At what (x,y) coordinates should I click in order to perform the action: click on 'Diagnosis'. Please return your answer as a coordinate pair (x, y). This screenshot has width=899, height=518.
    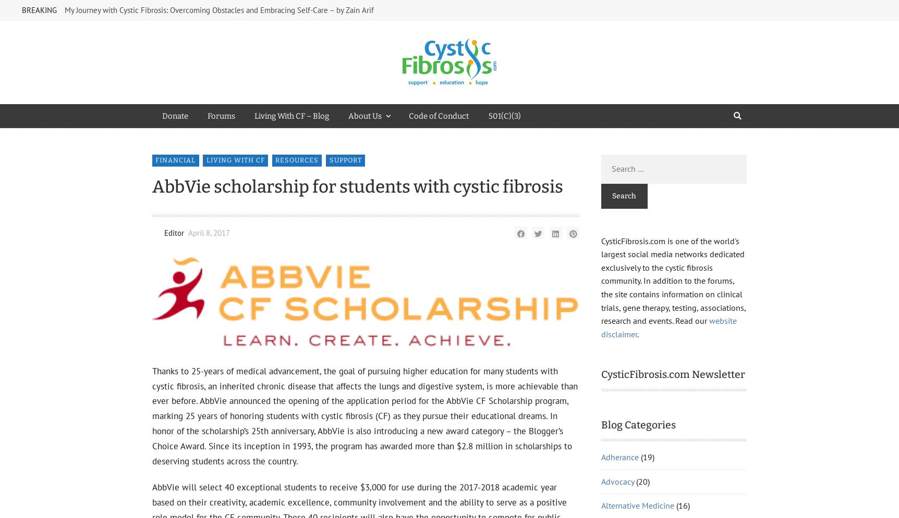
    Looking at the image, I should click on (618, 178).